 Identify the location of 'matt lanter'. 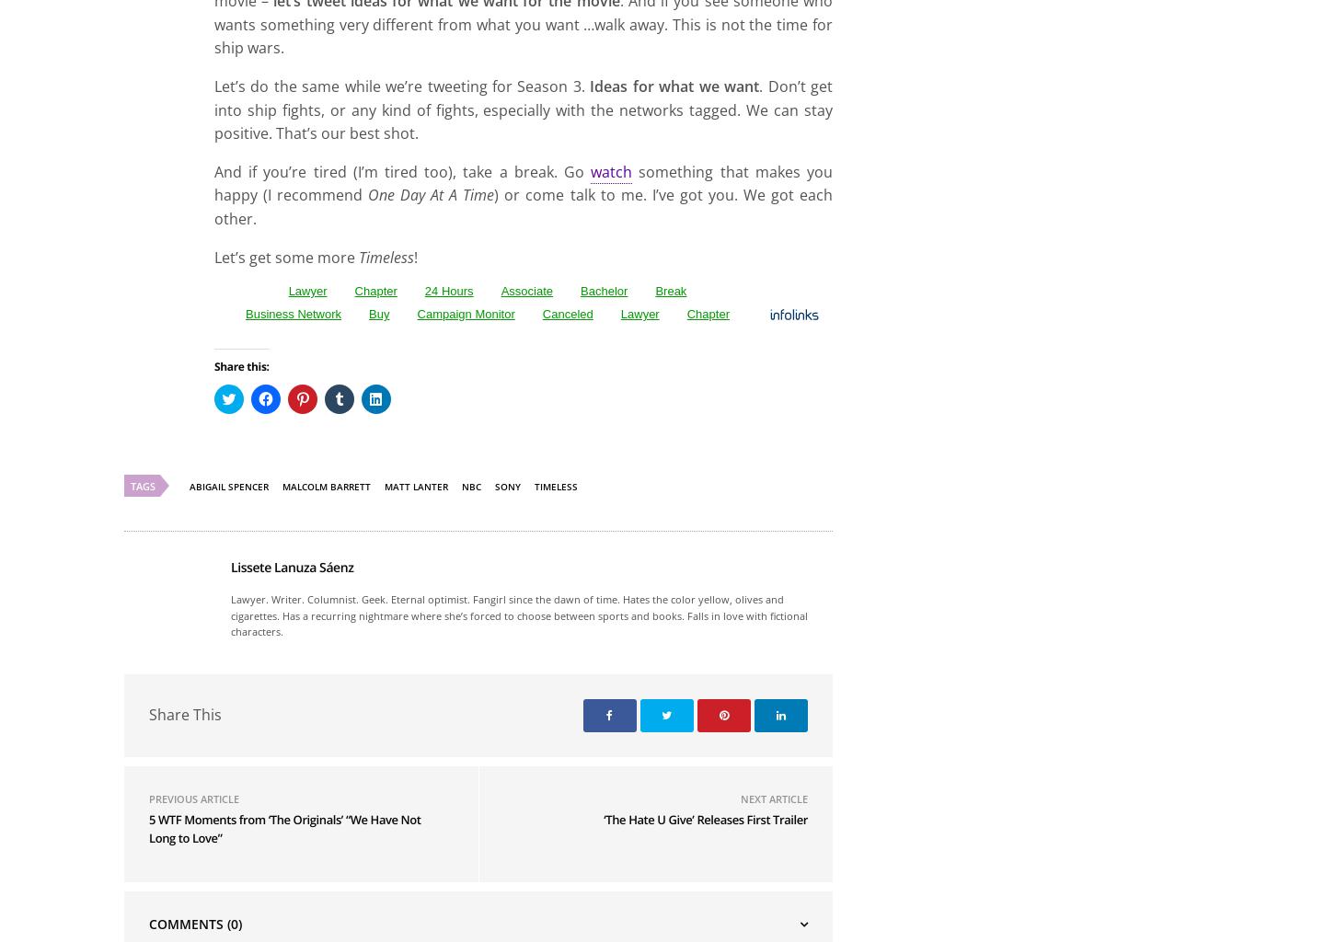
(416, 702).